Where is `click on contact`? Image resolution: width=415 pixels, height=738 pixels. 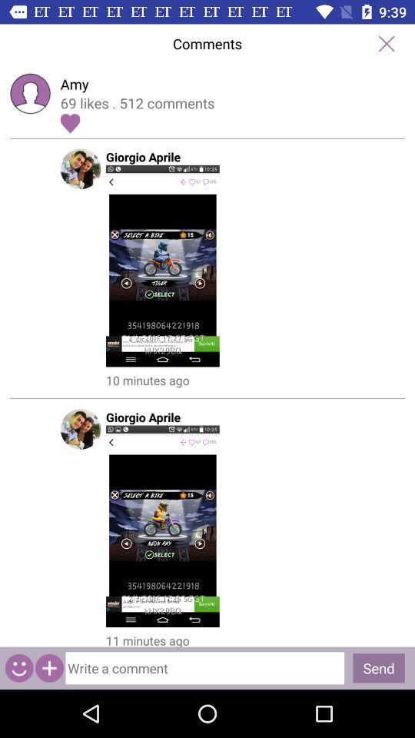 click on contact is located at coordinates (49, 667).